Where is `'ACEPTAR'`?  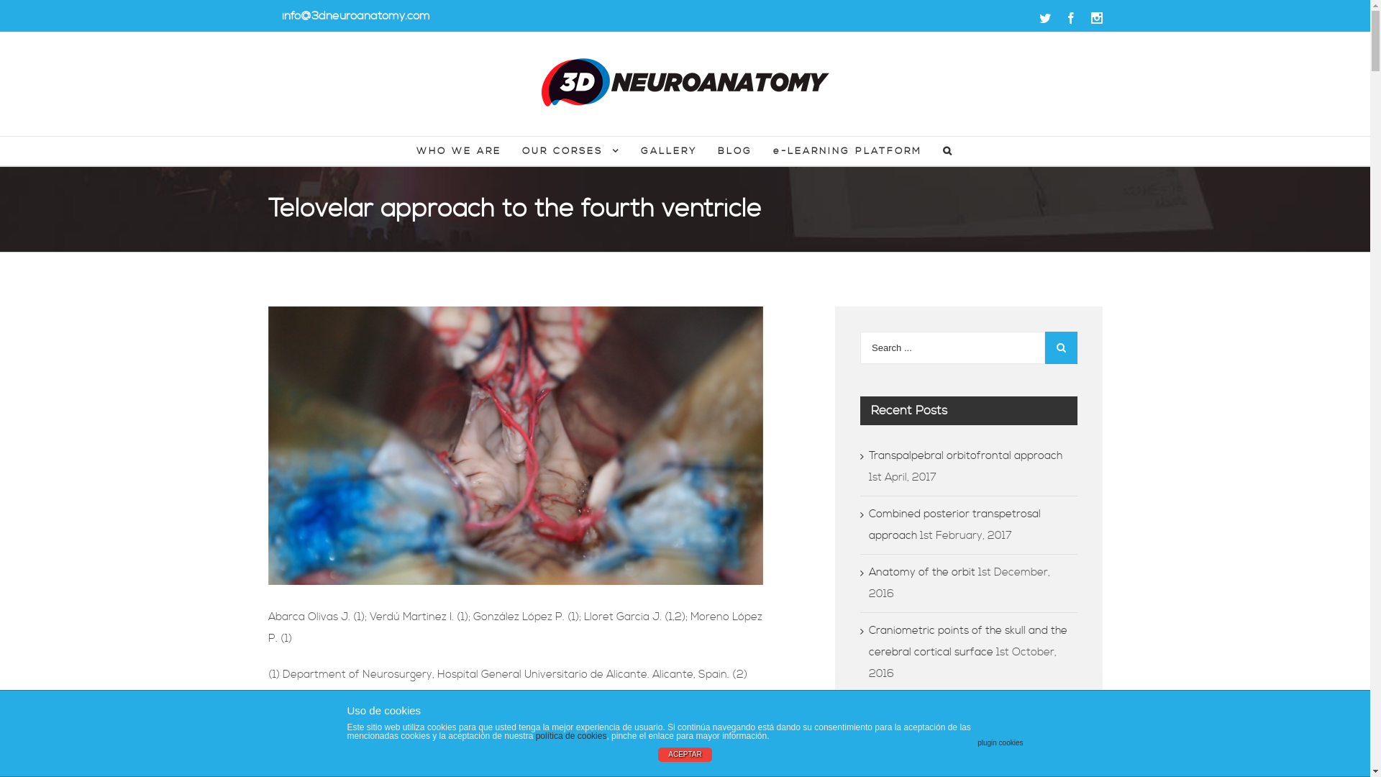 'ACEPTAR' is located at coordinates (684, 754).